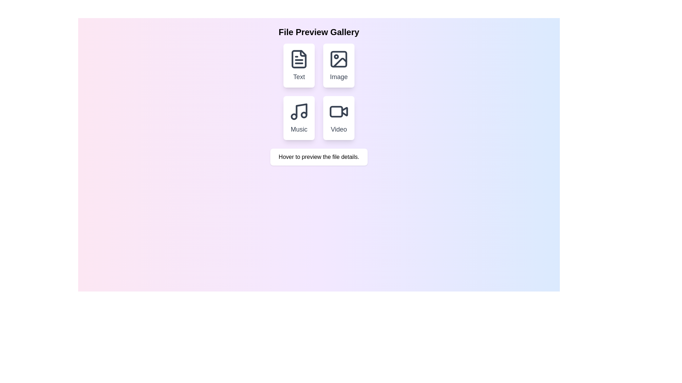 Image resolution: width=682 pixels, height=383 pixels. Describe the element at coordinates (339, 129) in the screenshot. I see `the static text label for the video preview option located at the bottom of the rectangular card in the second row and second column of the grid` at that location.